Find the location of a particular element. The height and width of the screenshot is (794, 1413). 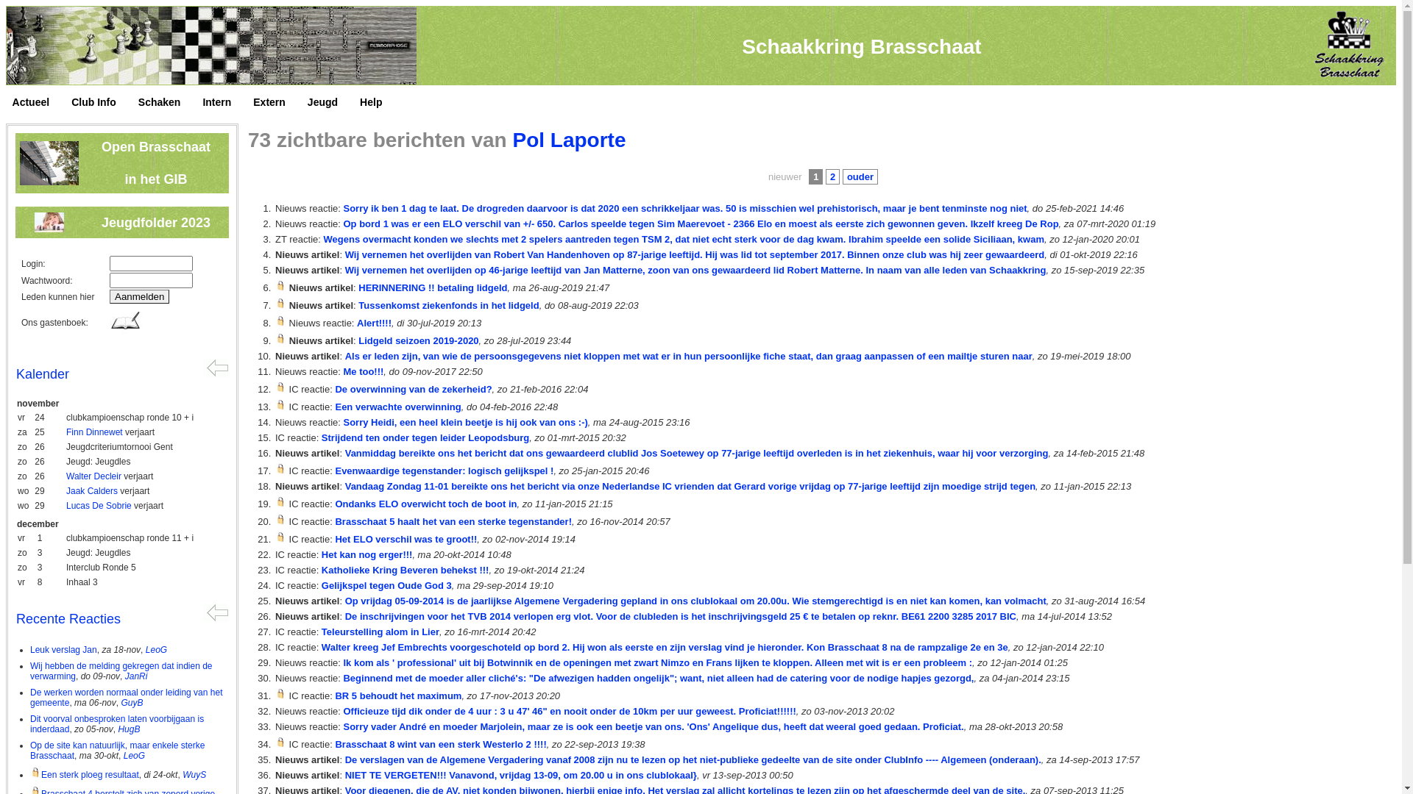

'Wij hebben de melding gekregen dat indien de verwarming' is located at coordinates (30, 671).